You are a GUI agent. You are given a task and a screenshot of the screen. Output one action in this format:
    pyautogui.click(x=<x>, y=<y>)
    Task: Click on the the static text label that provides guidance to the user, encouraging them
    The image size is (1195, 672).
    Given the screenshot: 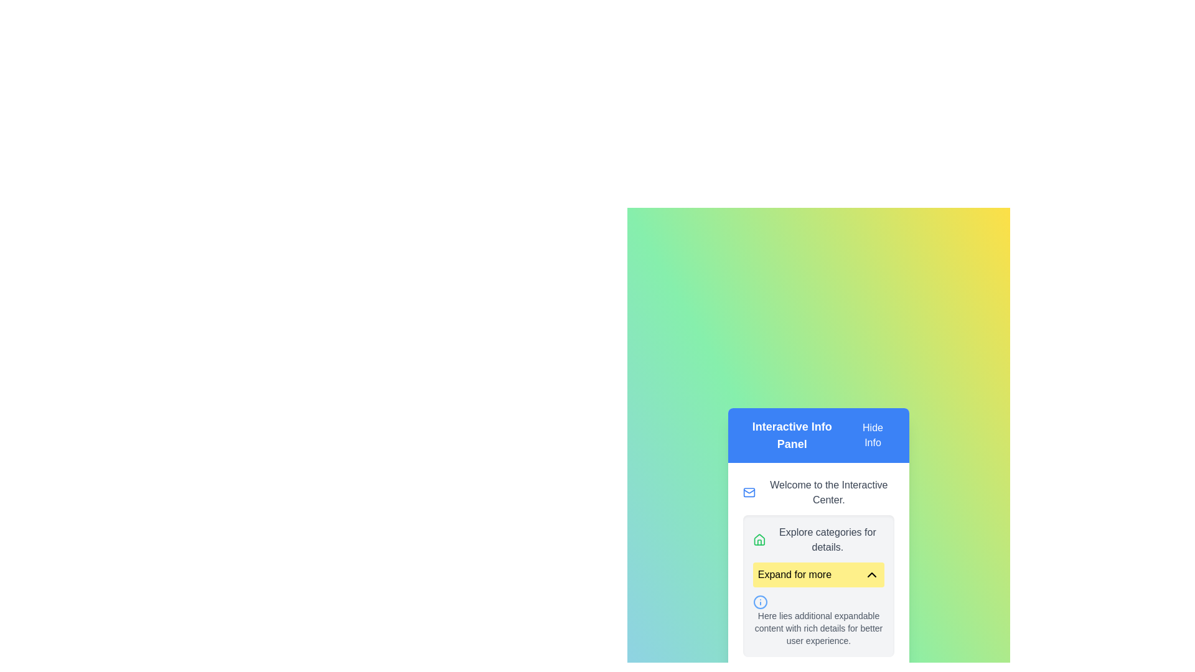 What is the action you would take?
    pyautogui.click(x=827, y=539)
    